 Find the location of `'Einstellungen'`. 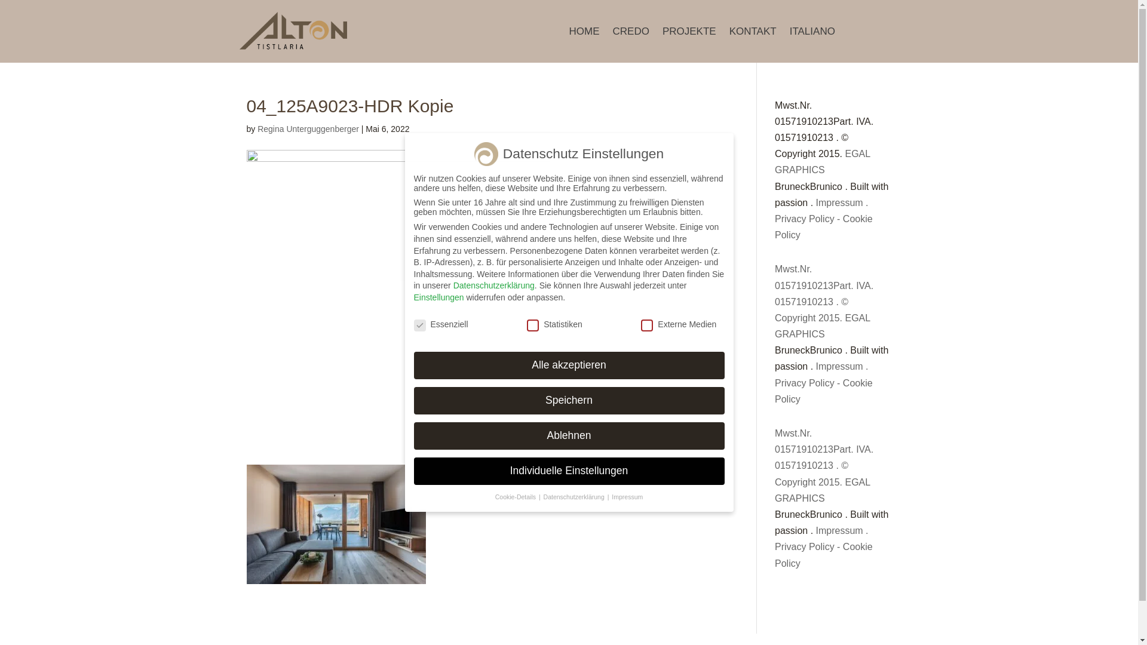

'Einstellungen' is located at coordinates (438, 296).